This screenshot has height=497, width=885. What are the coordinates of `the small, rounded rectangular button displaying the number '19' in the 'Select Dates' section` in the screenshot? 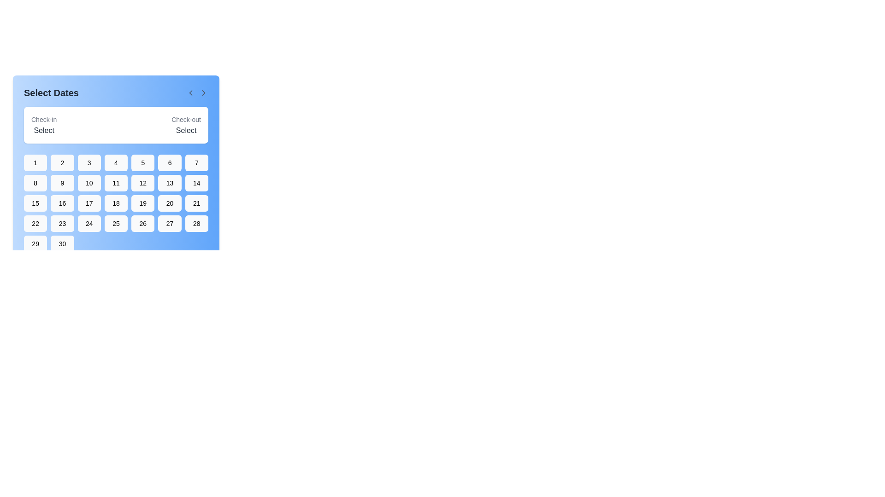 It's located at (142, 203).